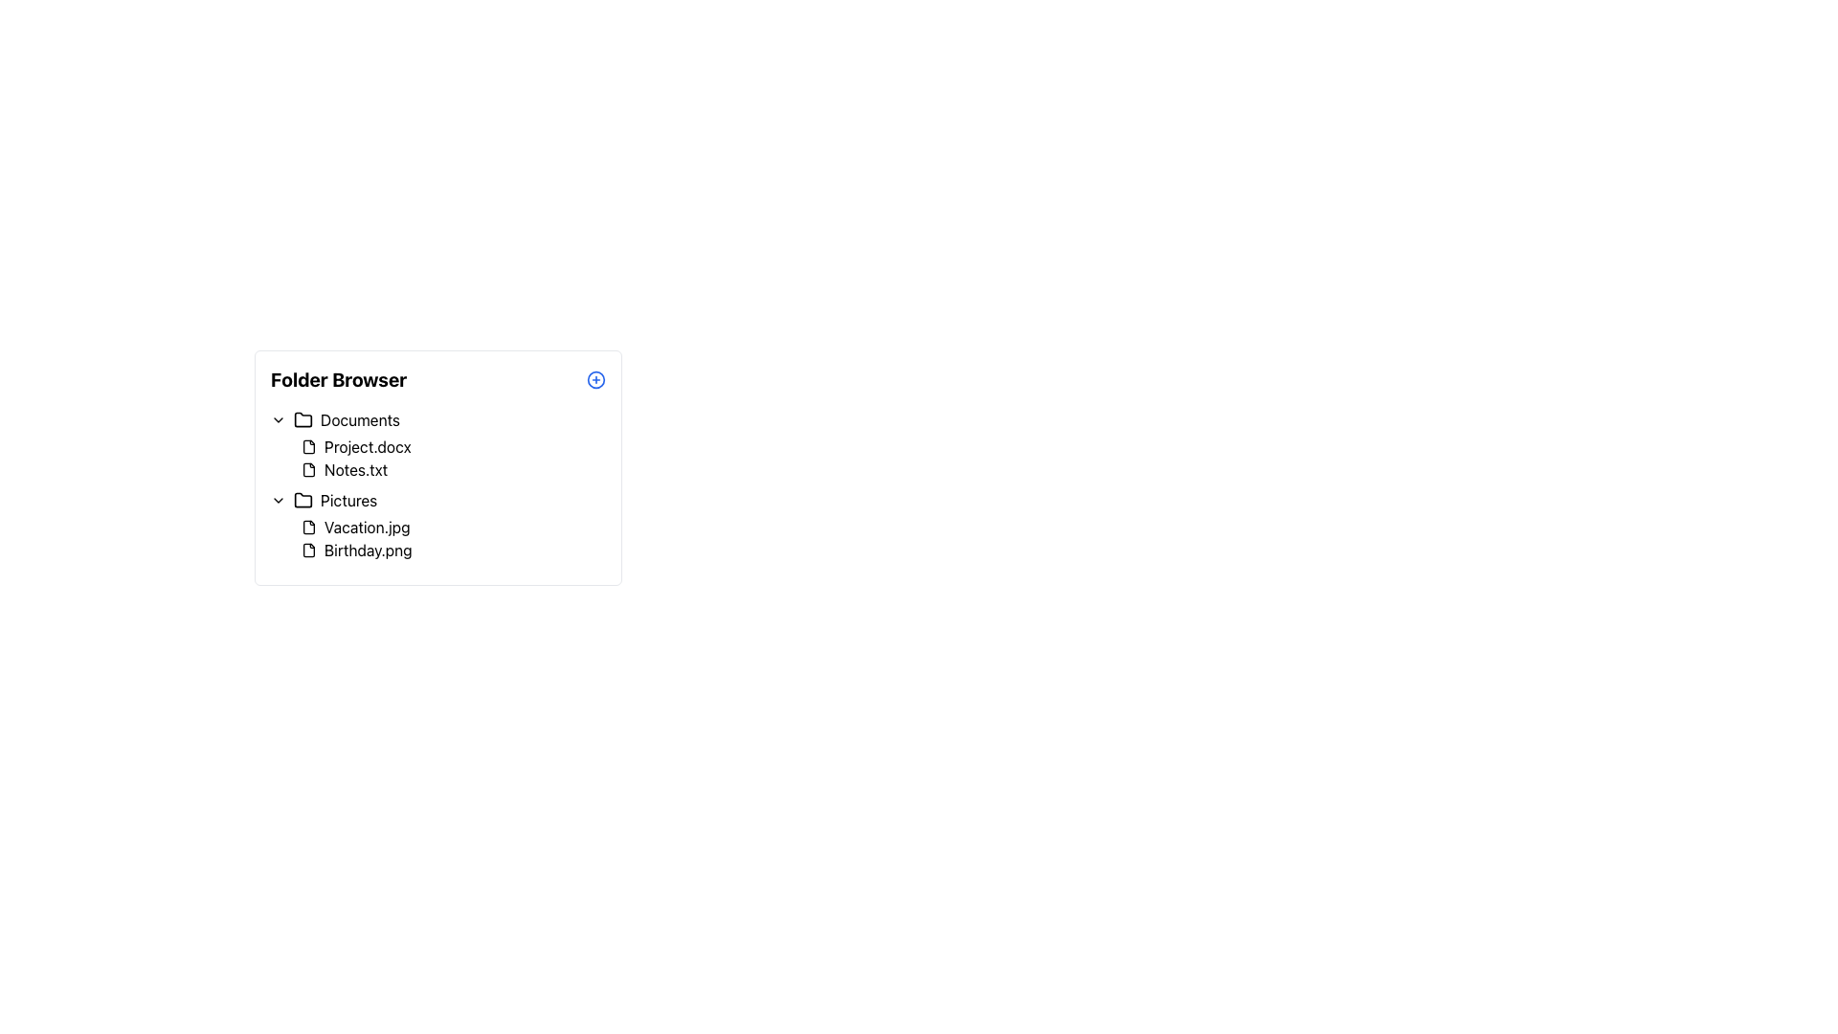 The image size is (1838, 1034). I want to click on the folder icon next to the 'Documents' text label in the file tree interface, so click(302, 419).